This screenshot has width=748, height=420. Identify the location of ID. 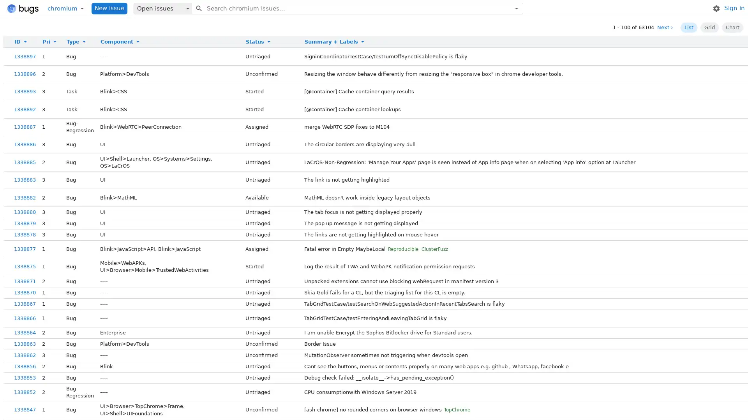
(22, 42).